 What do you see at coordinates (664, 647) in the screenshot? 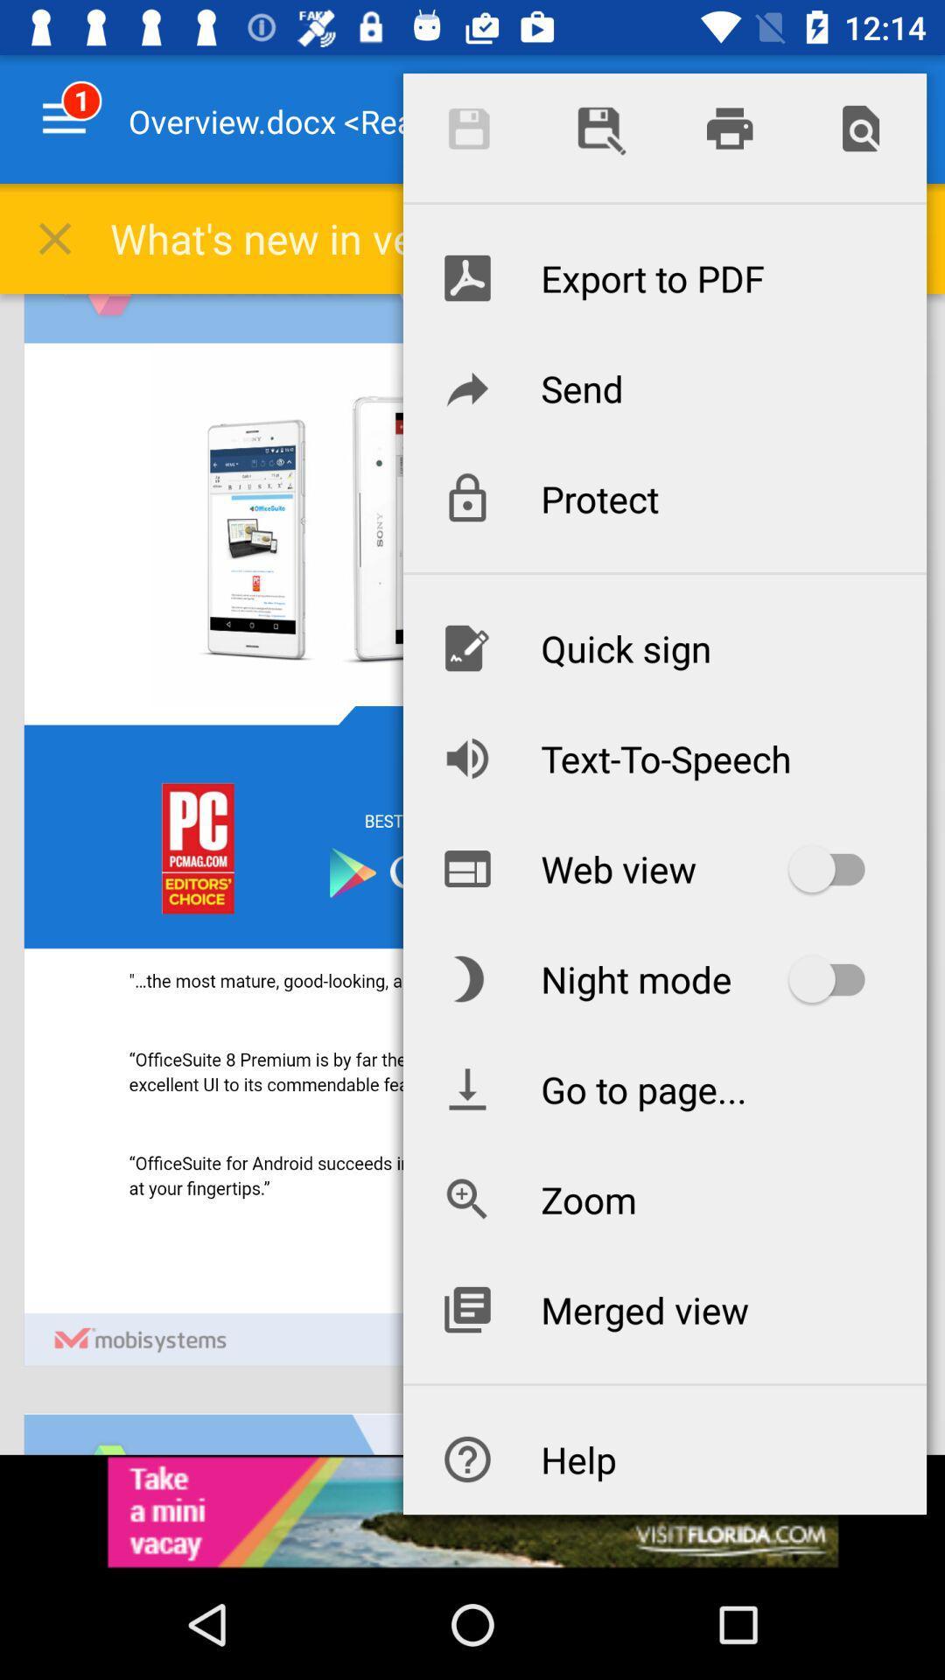
I see `the item above the text-to-speech item` at bounding box center [664, 647].